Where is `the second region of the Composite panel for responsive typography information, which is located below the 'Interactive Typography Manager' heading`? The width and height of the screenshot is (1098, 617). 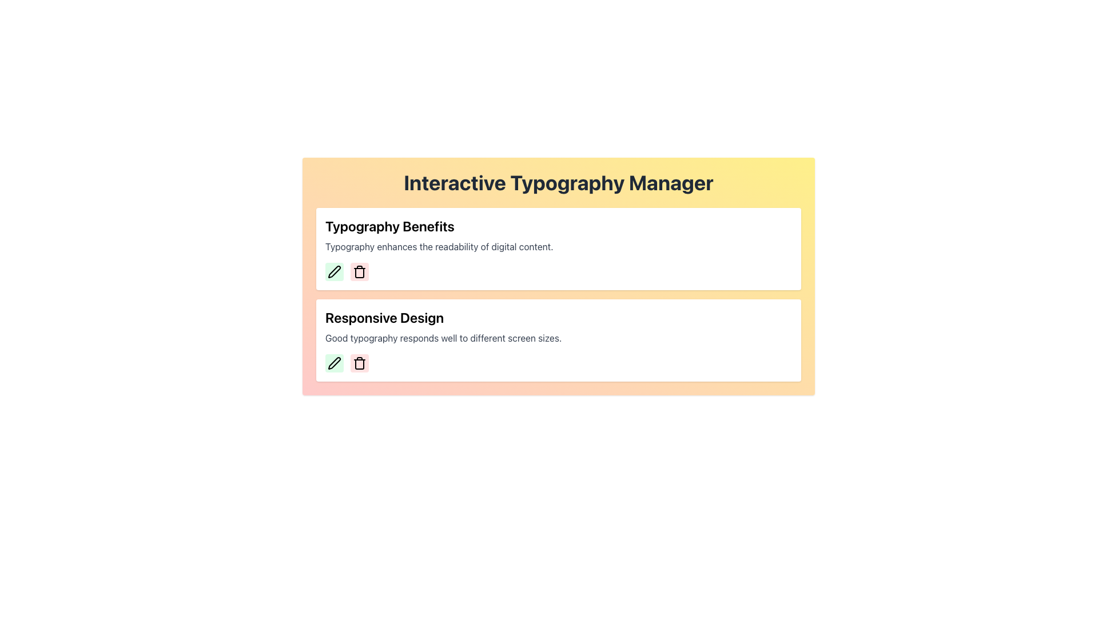
the second region of the Composite panel for responsive typography information, which is located below the 'Interactive Typography Manager' heading is located at coordinates (559, 294).